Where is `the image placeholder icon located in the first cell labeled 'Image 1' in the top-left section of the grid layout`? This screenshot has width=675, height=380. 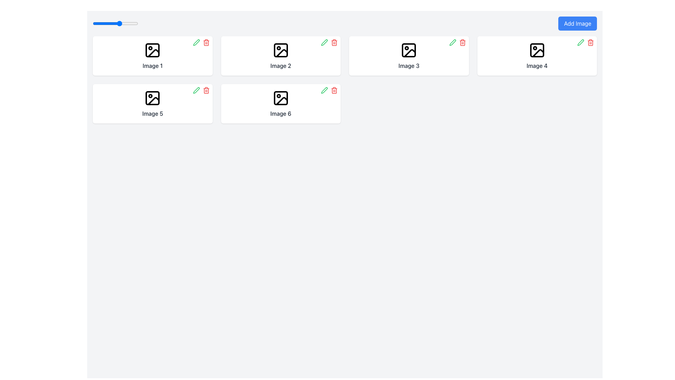
the image placeholder icon located in the first cell labeled 'Image 1' in the top-left section of the grid layout is located at coordinates (152, 50).